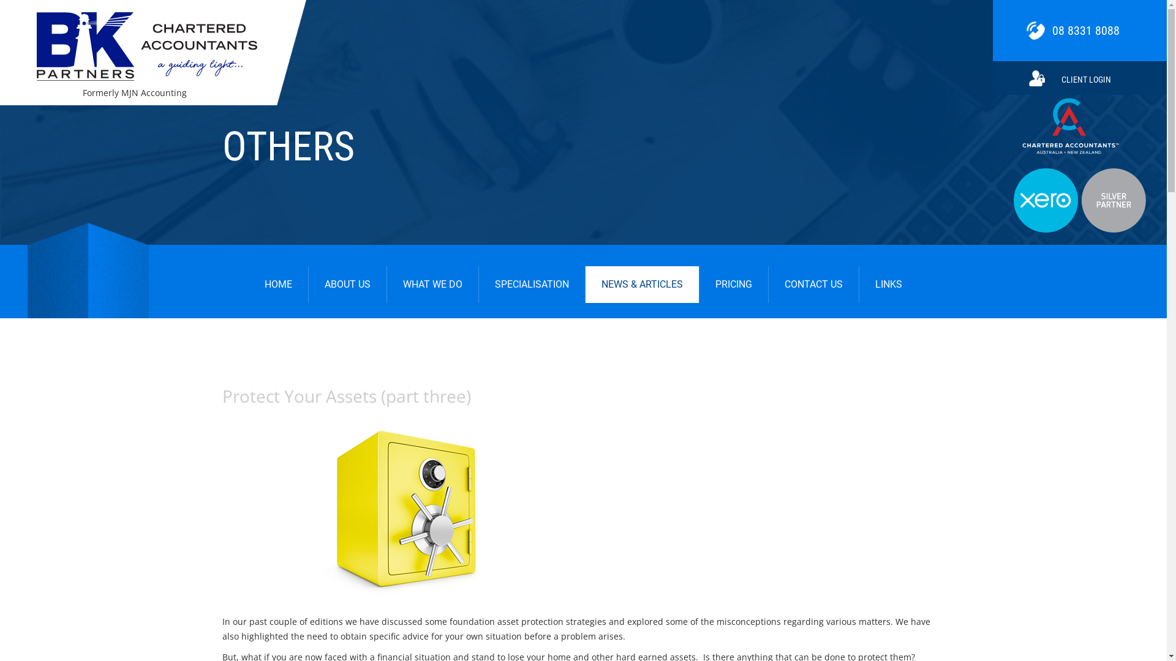 The height and width of the screenshot is (661, 1176). What do you see at coordinates (734, 285) in the screenshot?
I see `'PRICING'` at bounding box center [734, 285].